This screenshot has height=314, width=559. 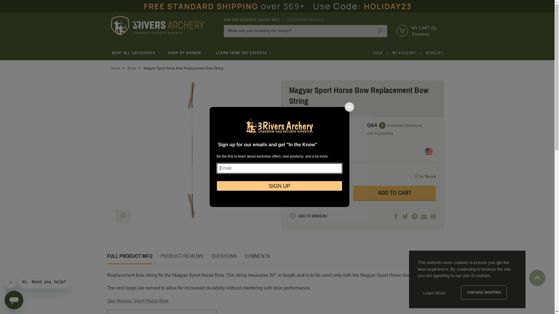 I want to click on 'Share on Pinterest', so click(x=414, y=217).